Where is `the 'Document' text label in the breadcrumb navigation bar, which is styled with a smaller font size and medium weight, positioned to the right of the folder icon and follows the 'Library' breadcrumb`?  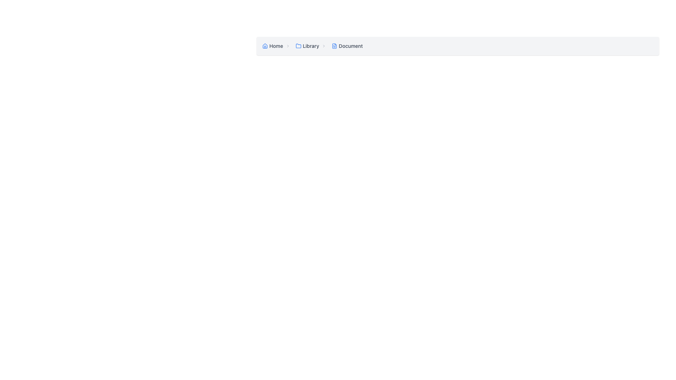 the 'Document' text label in the breadcrumb navigation bar, which is styled with a smaller font size and medium weight, positioned to the right of the folder icon and follows the 'Library' breadcrumb is located at coordinates (351, 46).